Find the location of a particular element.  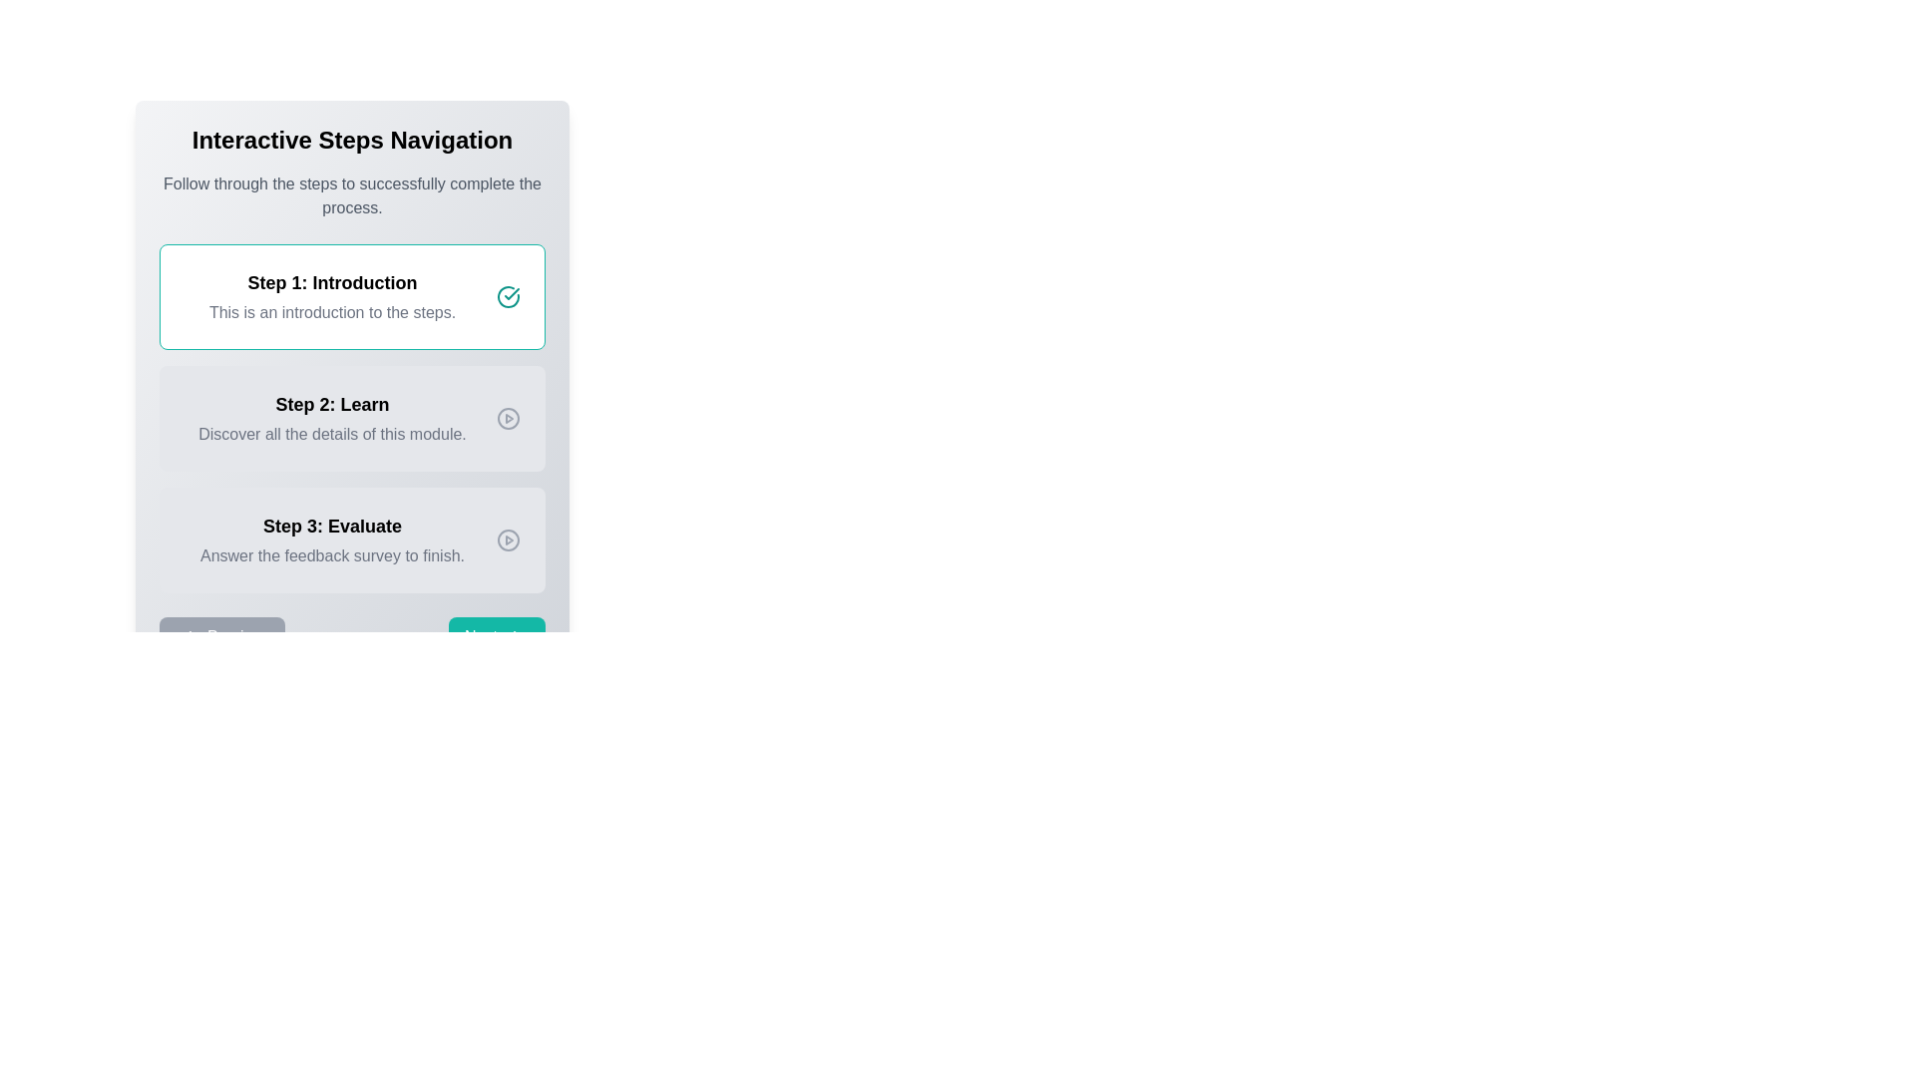

the circular play button with a hollow triangular play icon located at the center of the 'Step 3: Evaluate' card to initiate the action is located at coordinates (508, 540).